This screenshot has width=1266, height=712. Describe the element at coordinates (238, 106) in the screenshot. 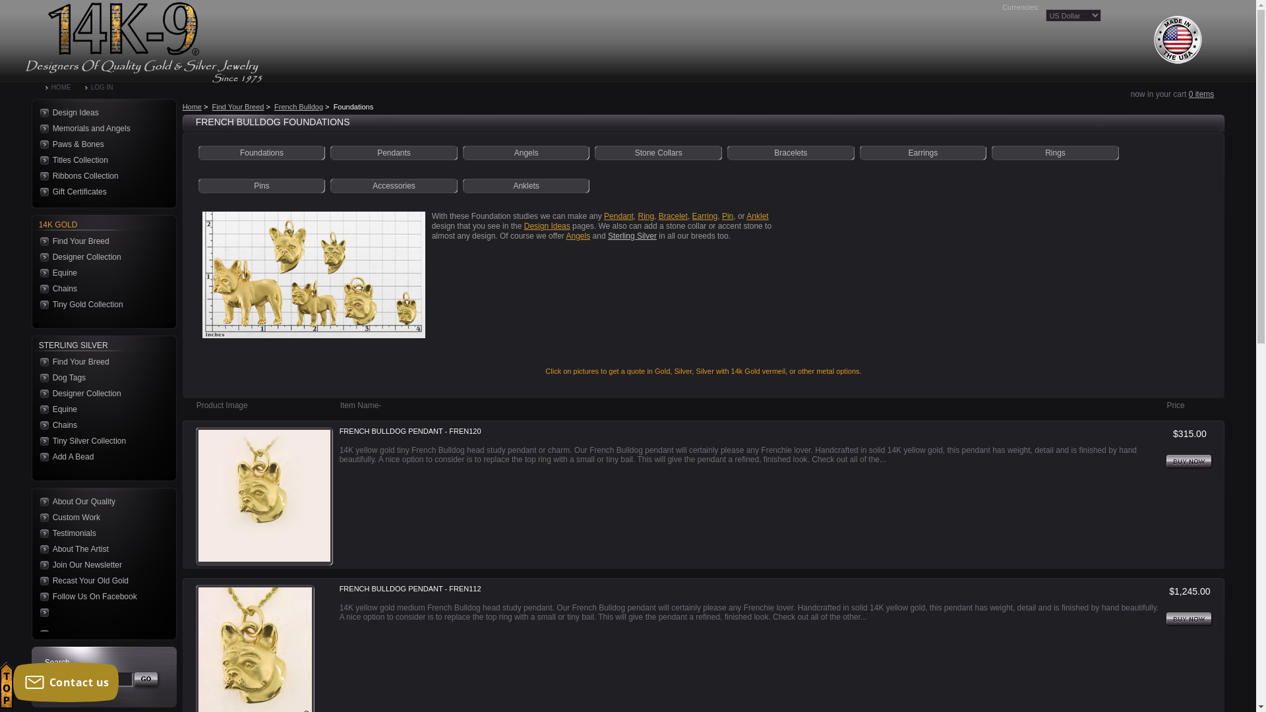

I see `'Find Your Breed'` at that location.